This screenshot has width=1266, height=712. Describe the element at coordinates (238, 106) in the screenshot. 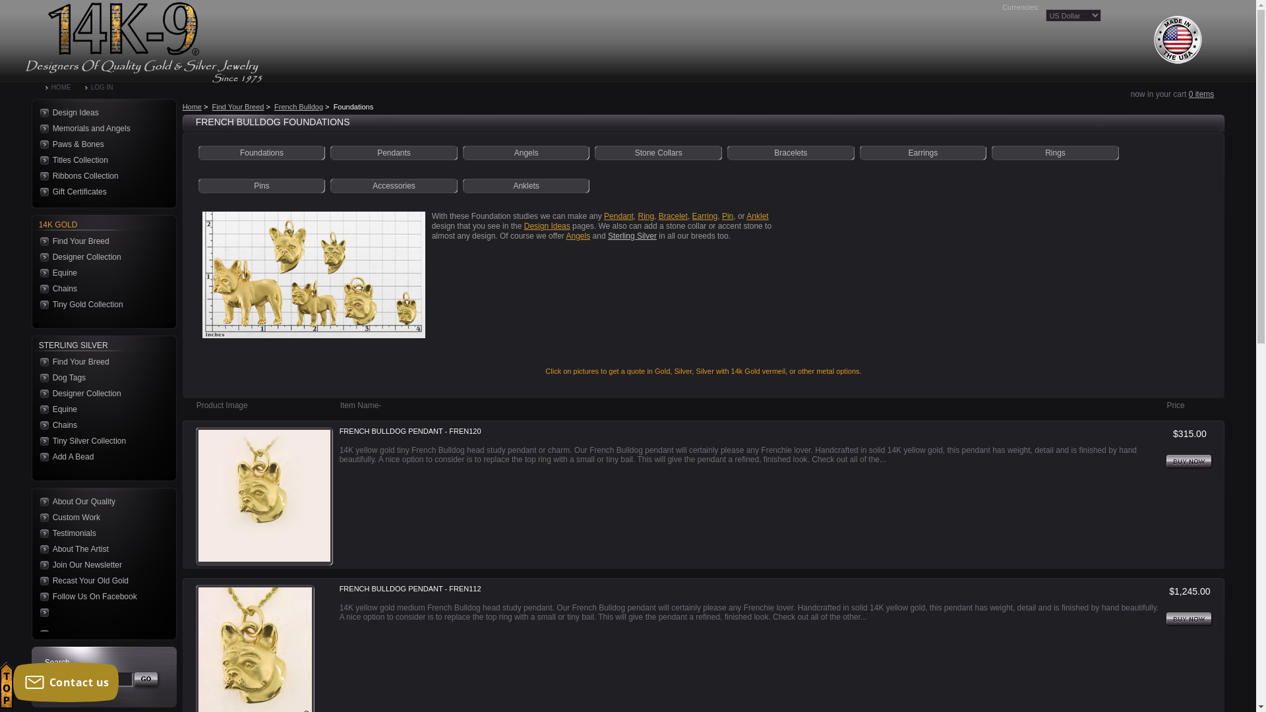

I see `'Find Your Breed'` at that location.